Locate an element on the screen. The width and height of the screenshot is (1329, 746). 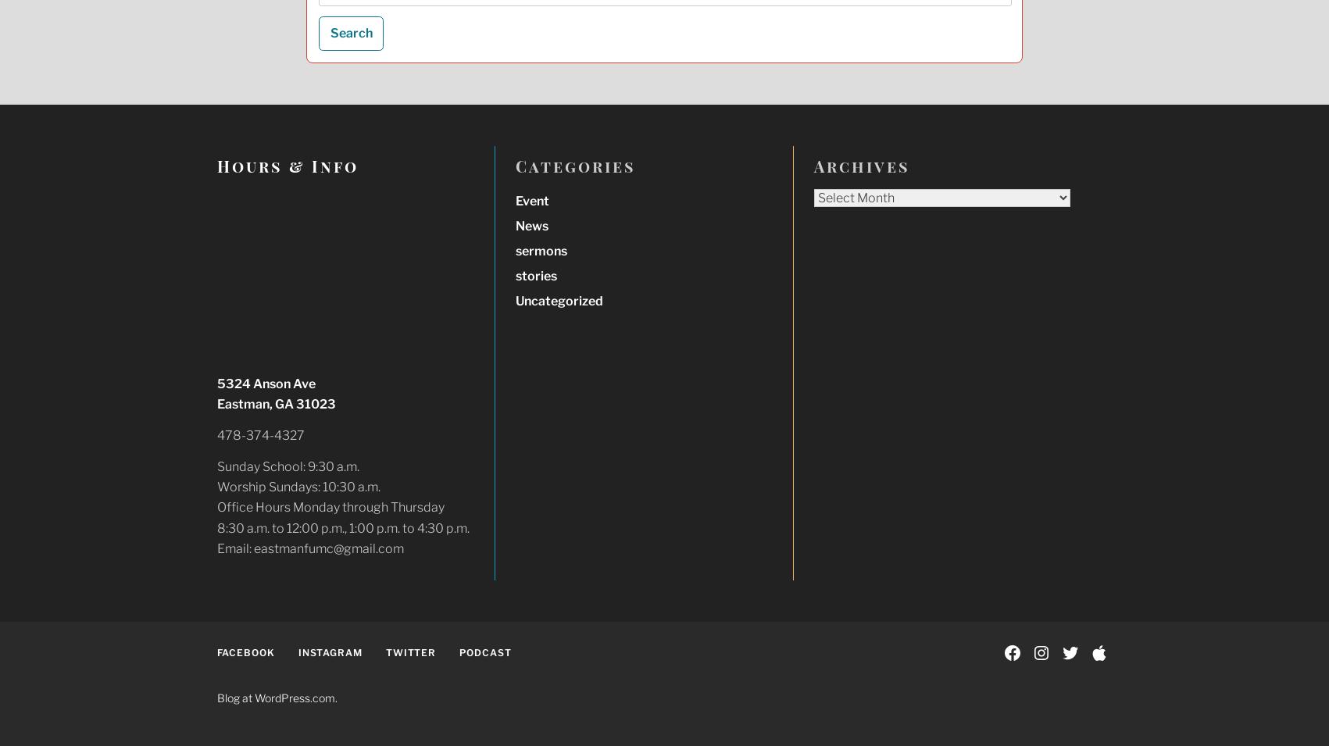
'Sunday School: 9:30 a.m.' is located at coordinates (286, 466).